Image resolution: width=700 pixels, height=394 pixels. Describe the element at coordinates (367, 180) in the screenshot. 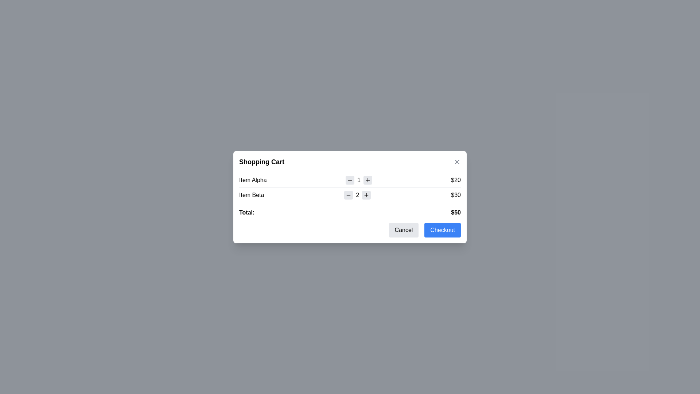

I see `the increment button for 'Item Alpha'` at that location.